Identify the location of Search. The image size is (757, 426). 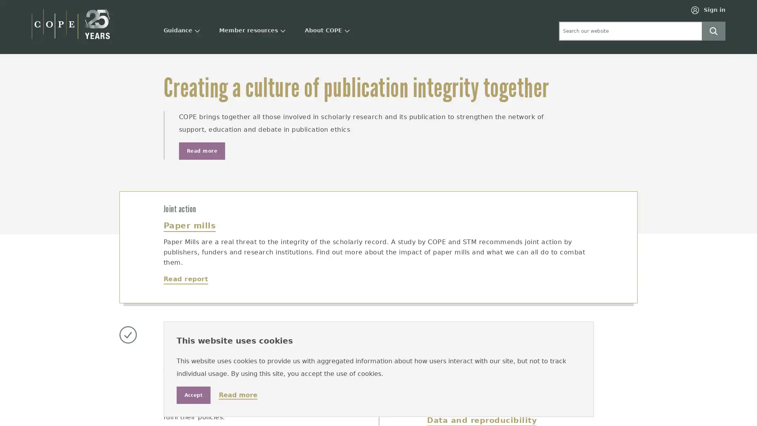
(713, 30).